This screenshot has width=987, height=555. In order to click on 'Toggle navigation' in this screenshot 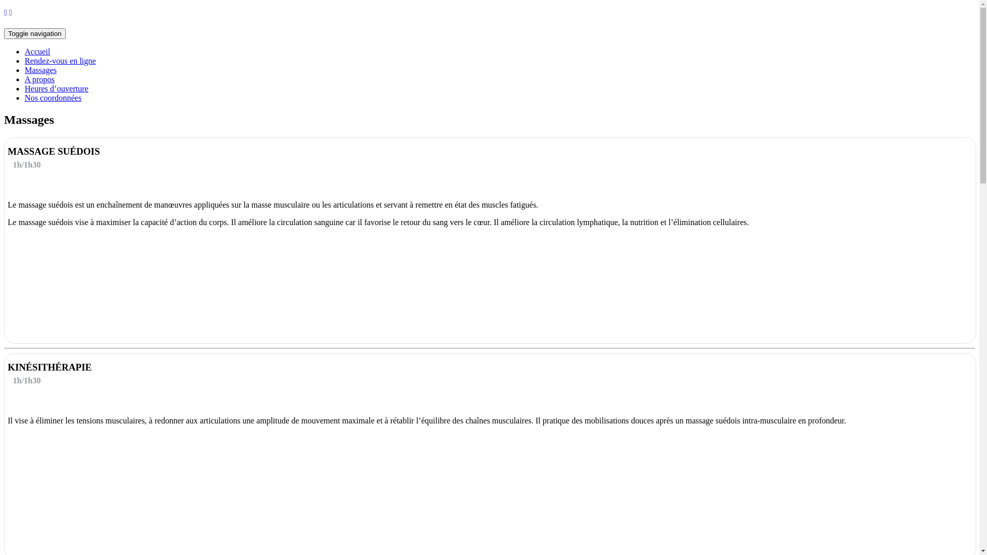, I will do `click(4, 33)`.